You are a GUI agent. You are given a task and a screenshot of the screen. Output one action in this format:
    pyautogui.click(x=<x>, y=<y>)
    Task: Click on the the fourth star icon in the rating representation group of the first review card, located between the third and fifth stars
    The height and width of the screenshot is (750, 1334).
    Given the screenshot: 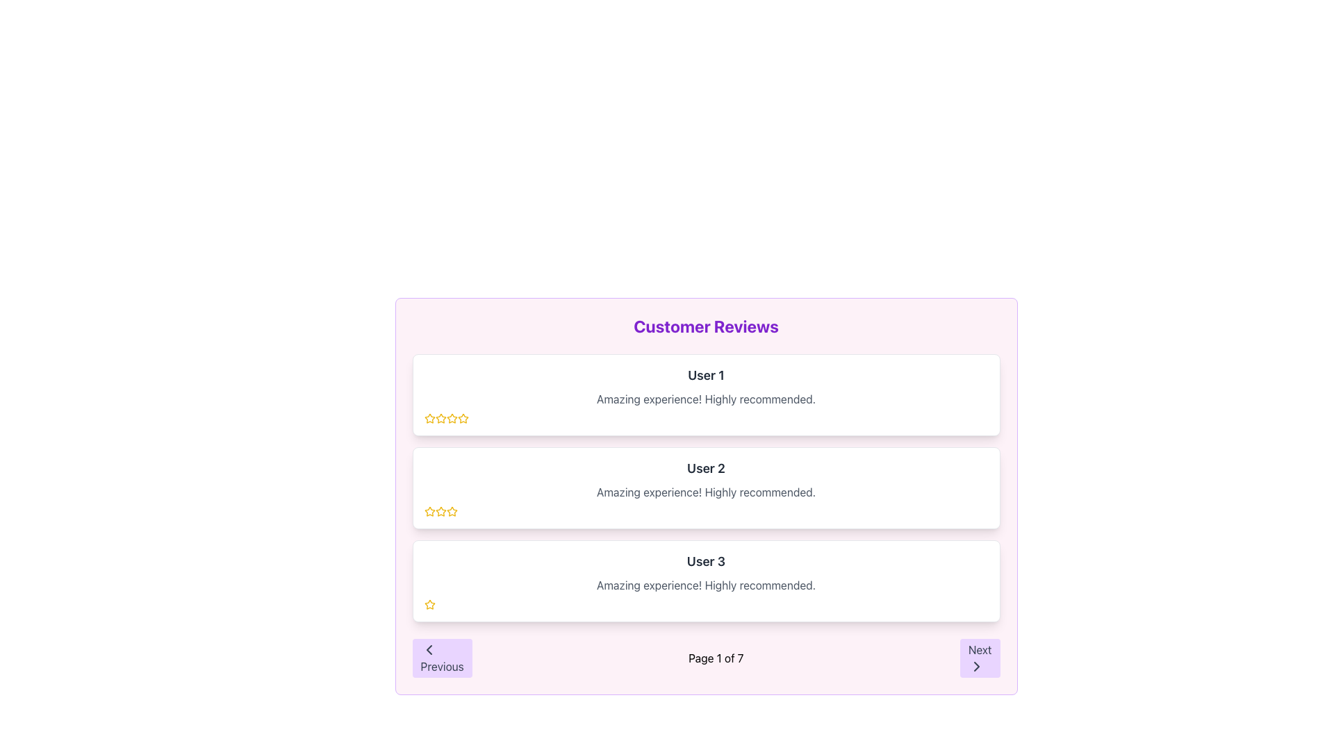 What is the action you would take?
    pyautogui.click(x=452, y=417)
    